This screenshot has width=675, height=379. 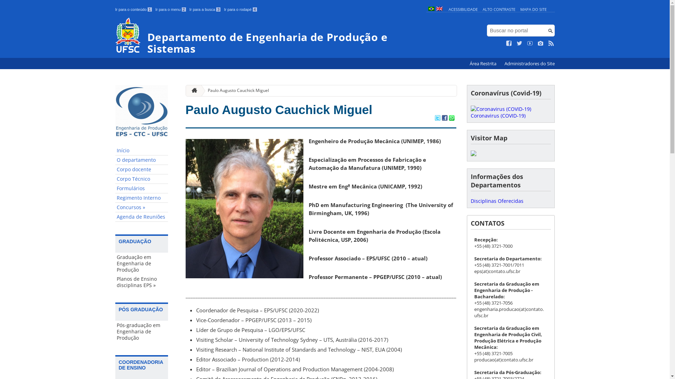 I want to click on 'ACESSIBILIDADE', so click(x=448, y=9).